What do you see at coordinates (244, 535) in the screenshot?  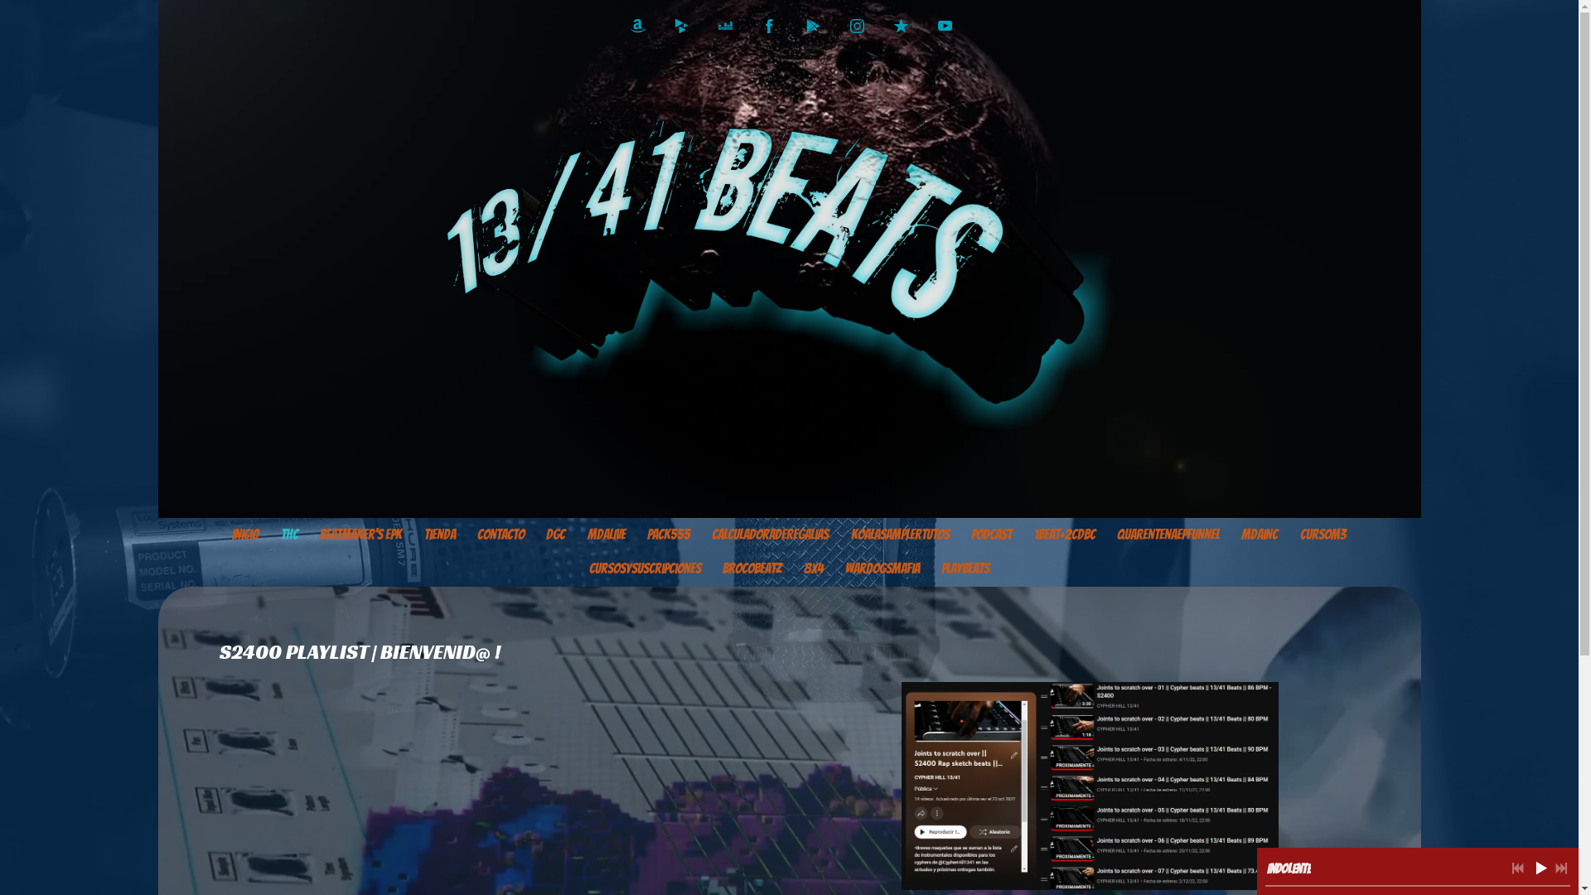 I see `'Inicio'` at bounding box center [244, 535].